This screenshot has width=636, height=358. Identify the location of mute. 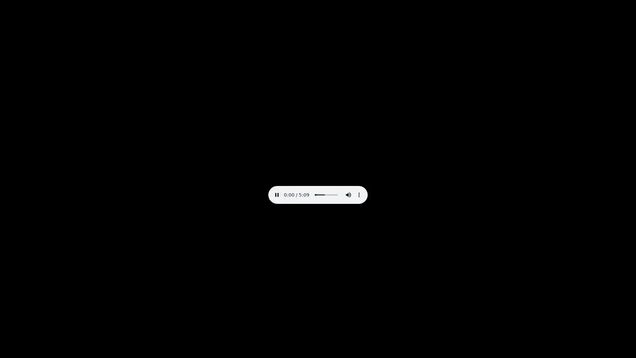
(348, 194).